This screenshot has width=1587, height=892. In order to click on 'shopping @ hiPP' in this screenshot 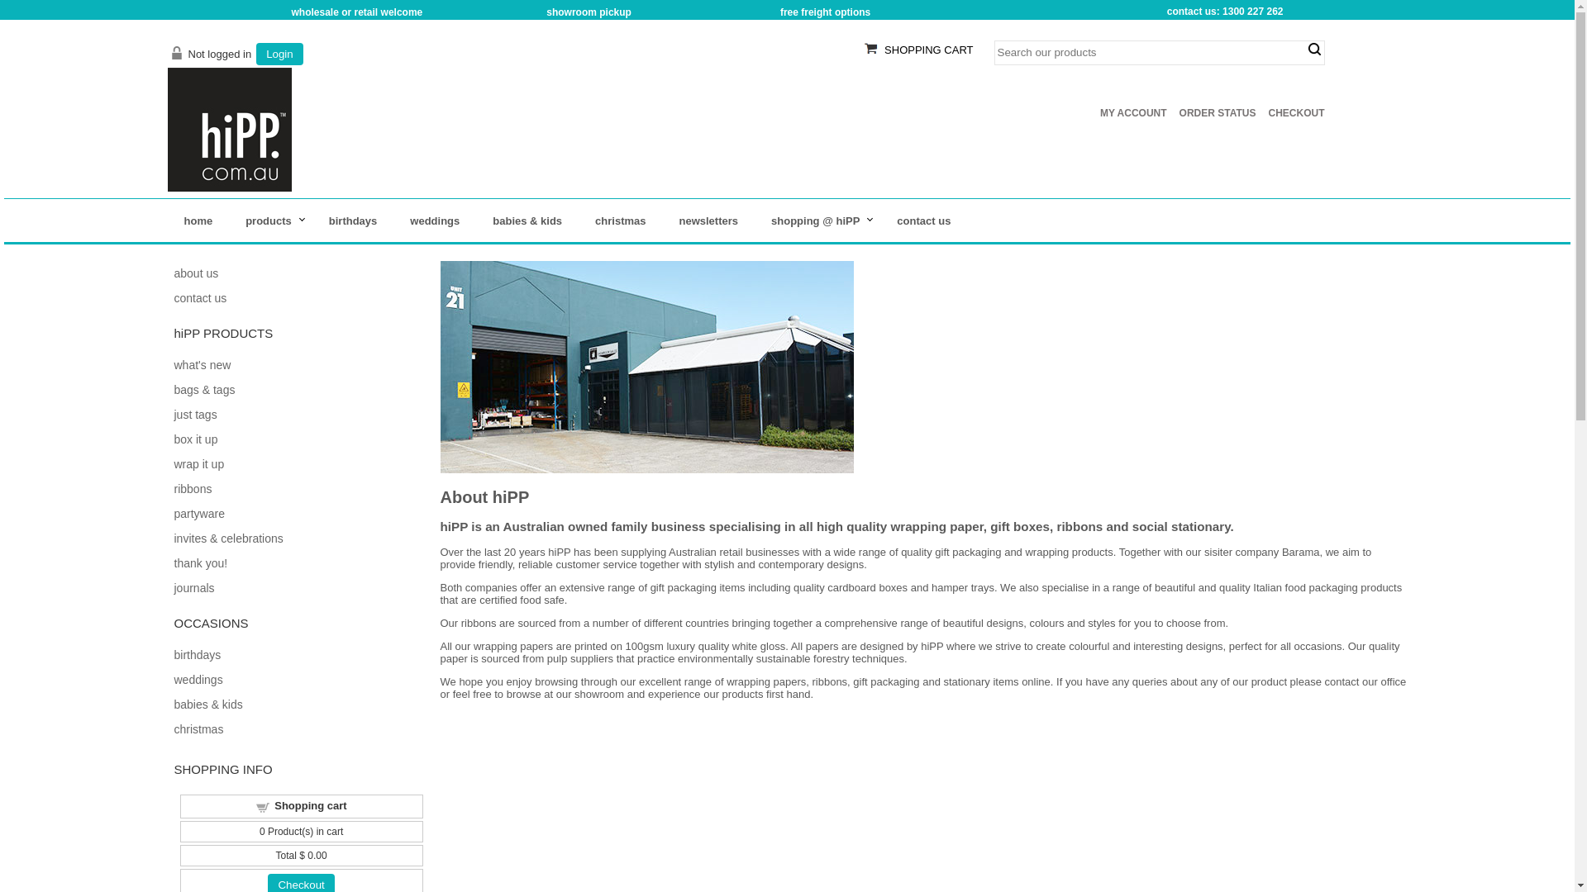, I will do `click(817, 220)`.